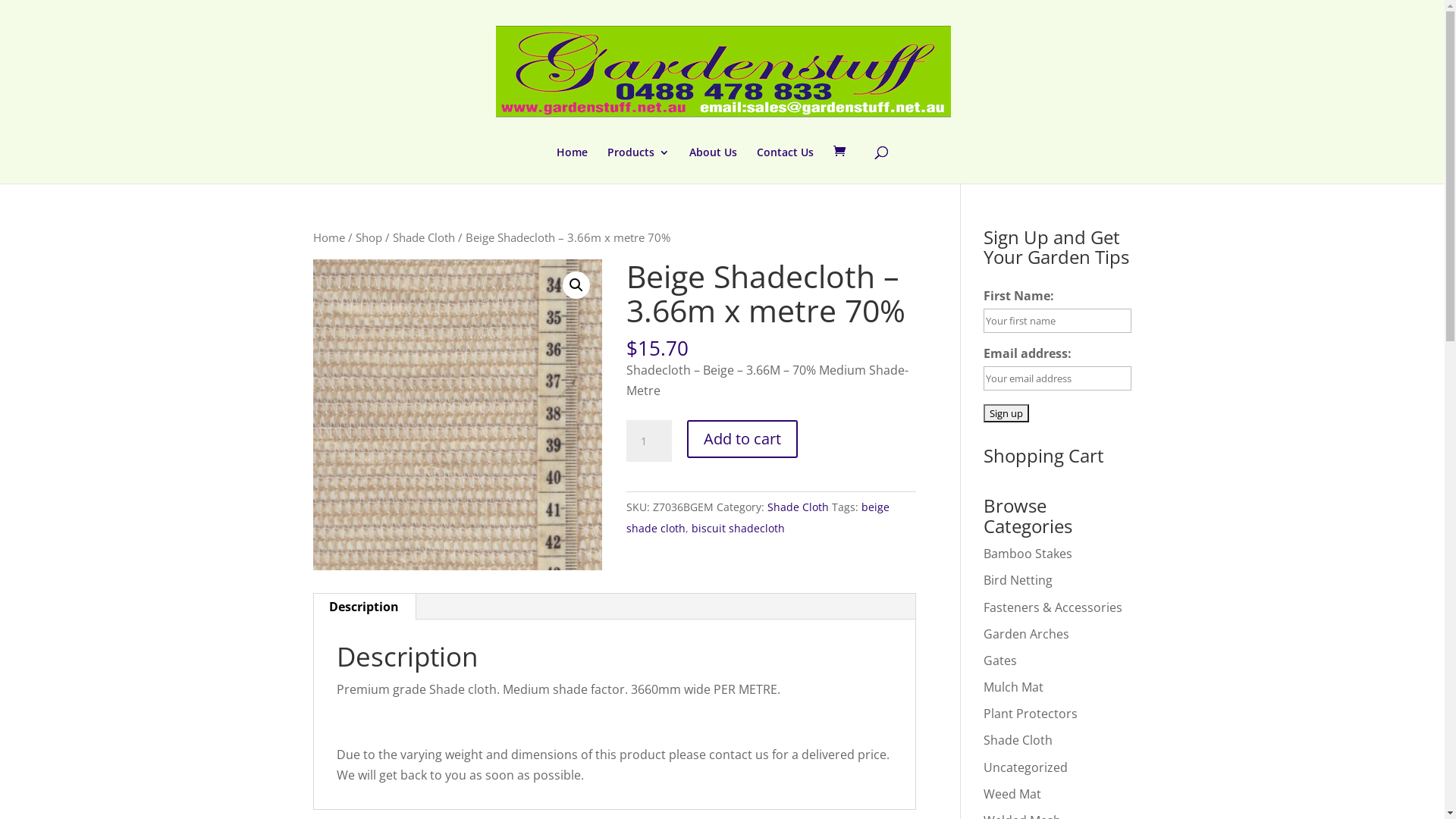 This screenshot has height=819, width=1456. Describe the element at coordinates (1006, 413) in the screenshot. I see `'Sign up'` at that location.